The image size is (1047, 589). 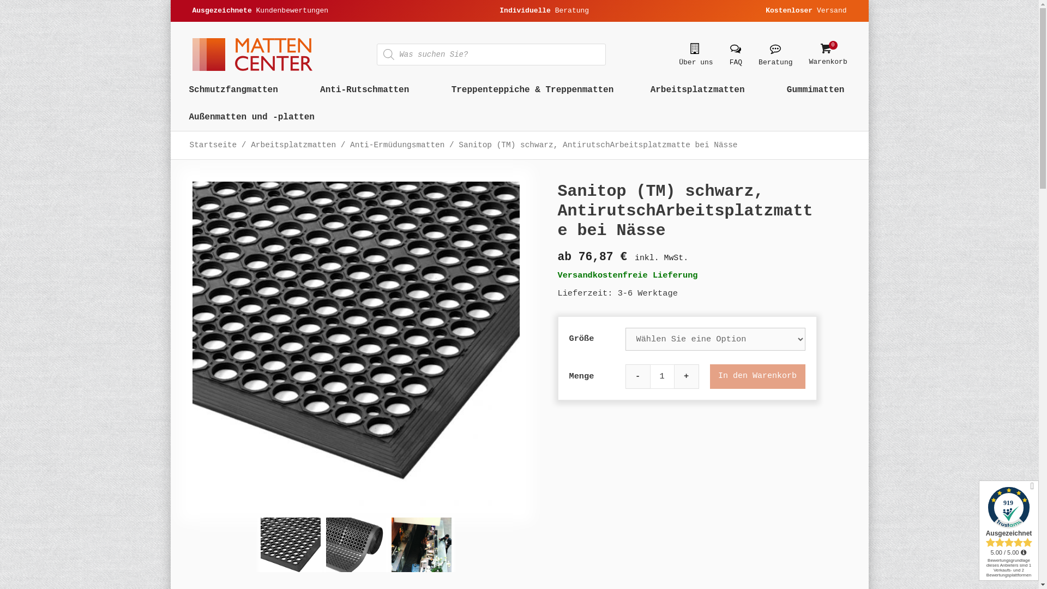 I want to click on 'Trustami', so click(x=979, y=530).